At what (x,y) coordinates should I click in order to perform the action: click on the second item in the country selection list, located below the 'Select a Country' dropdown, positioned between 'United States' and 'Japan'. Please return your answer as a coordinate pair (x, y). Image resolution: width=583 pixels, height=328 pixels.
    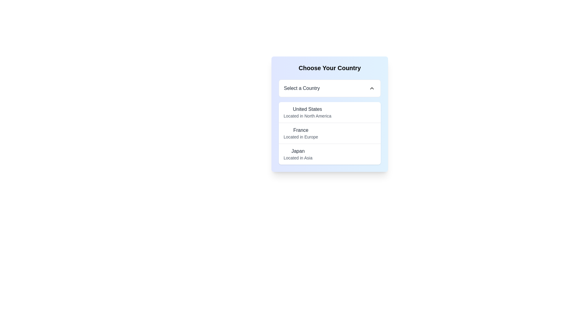
    Looking at the image, I should click on (329, 133).